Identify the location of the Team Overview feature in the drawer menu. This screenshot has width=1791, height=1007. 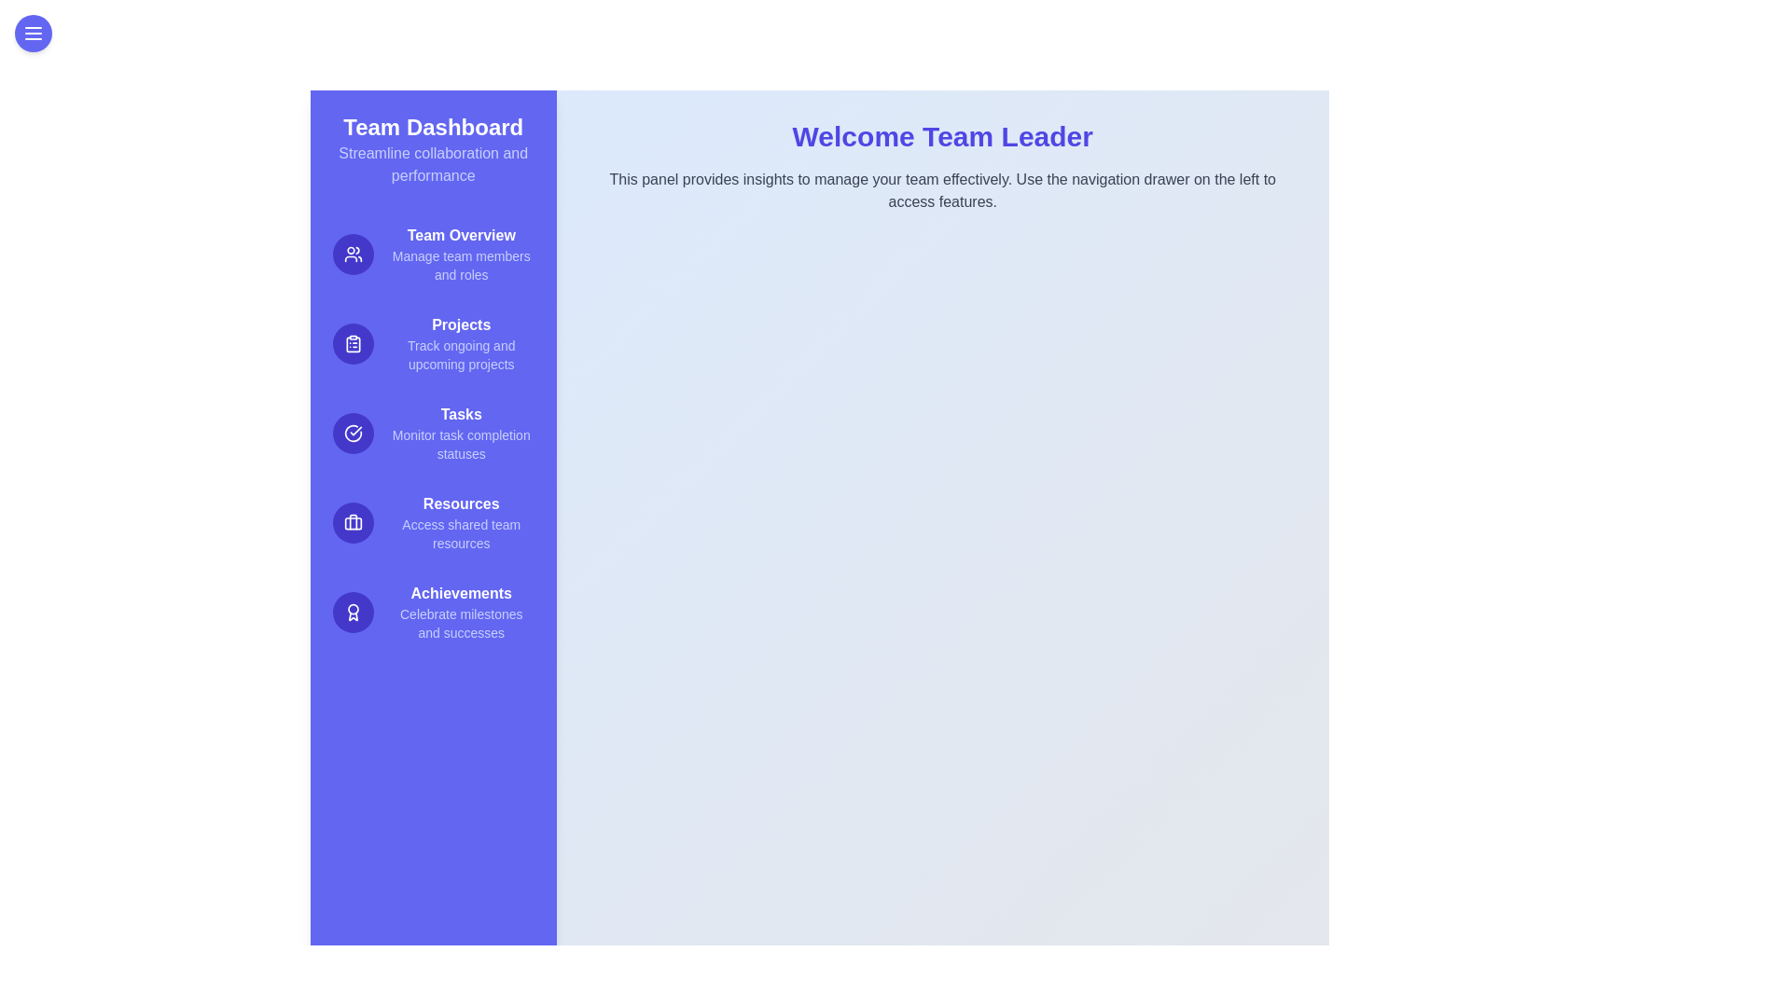
(432, 255).